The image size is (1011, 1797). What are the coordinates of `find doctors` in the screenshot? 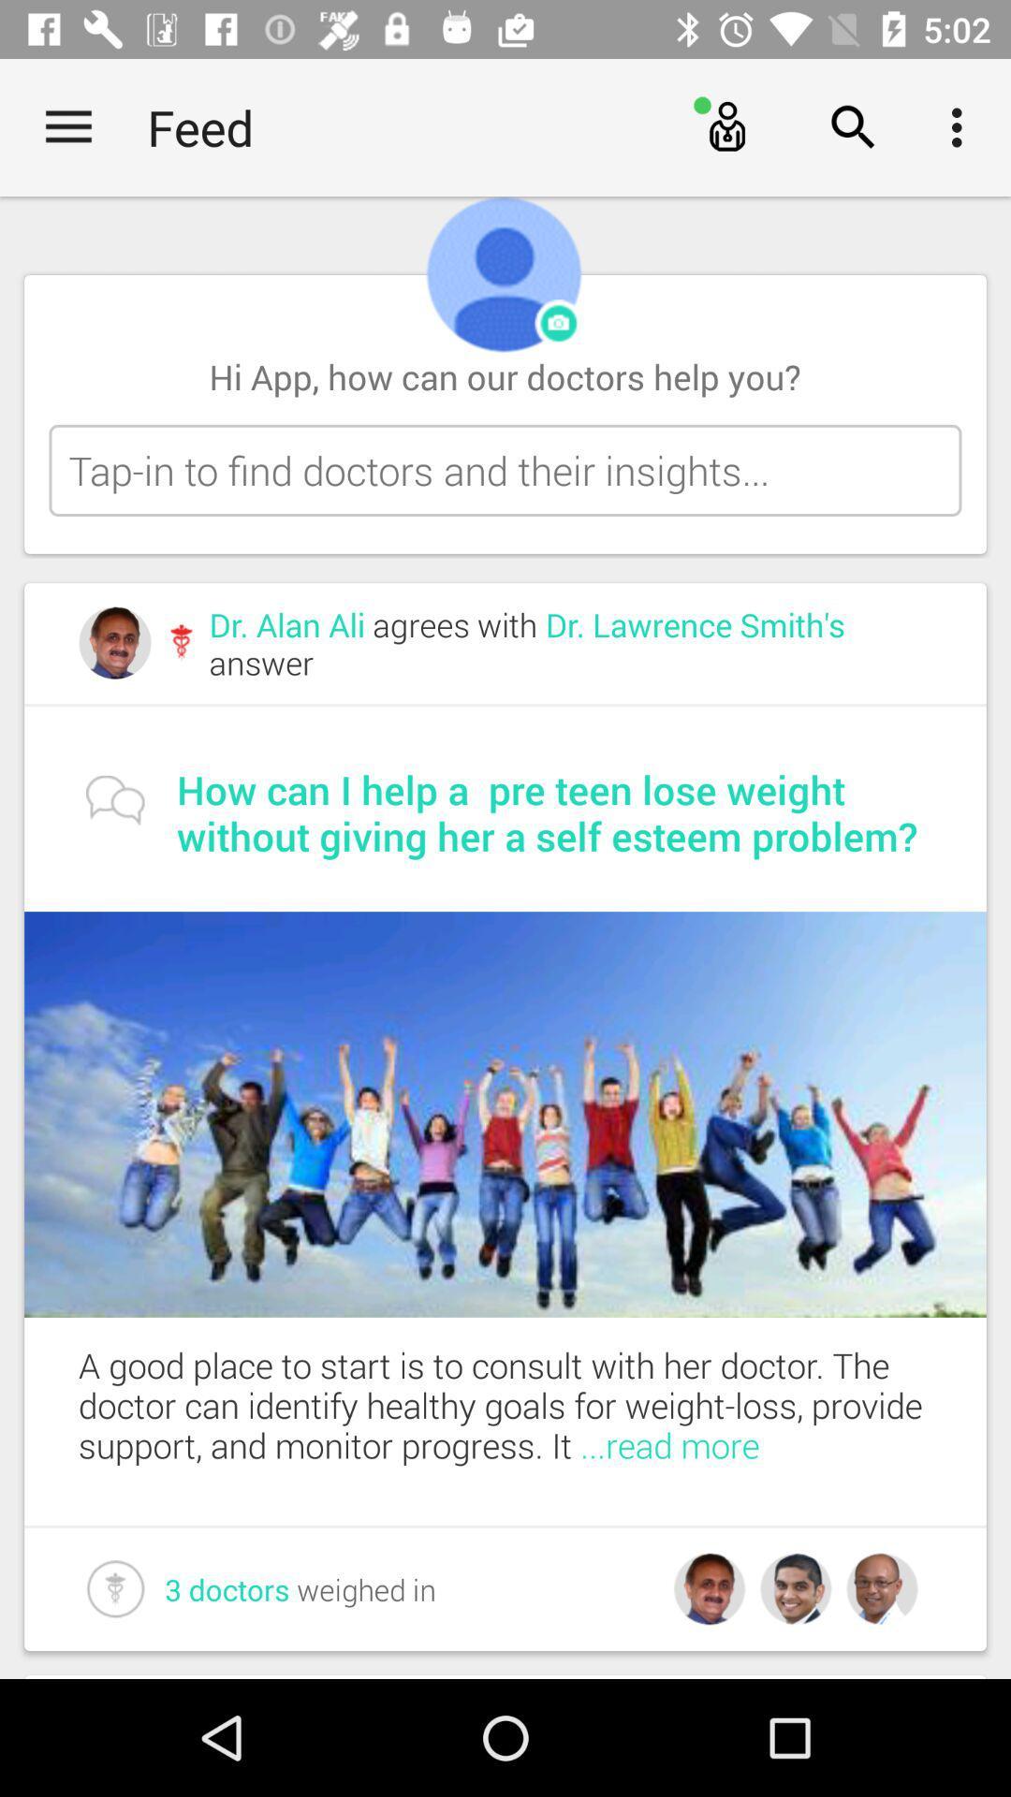 It's located at (505, 470).